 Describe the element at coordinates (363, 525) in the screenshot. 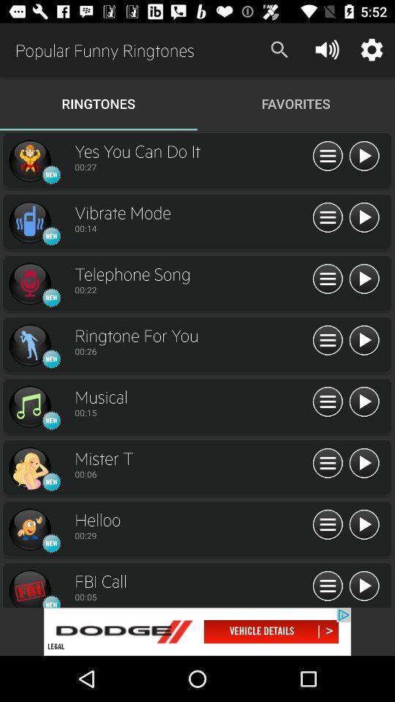

I see `ringtone play button` at that location.